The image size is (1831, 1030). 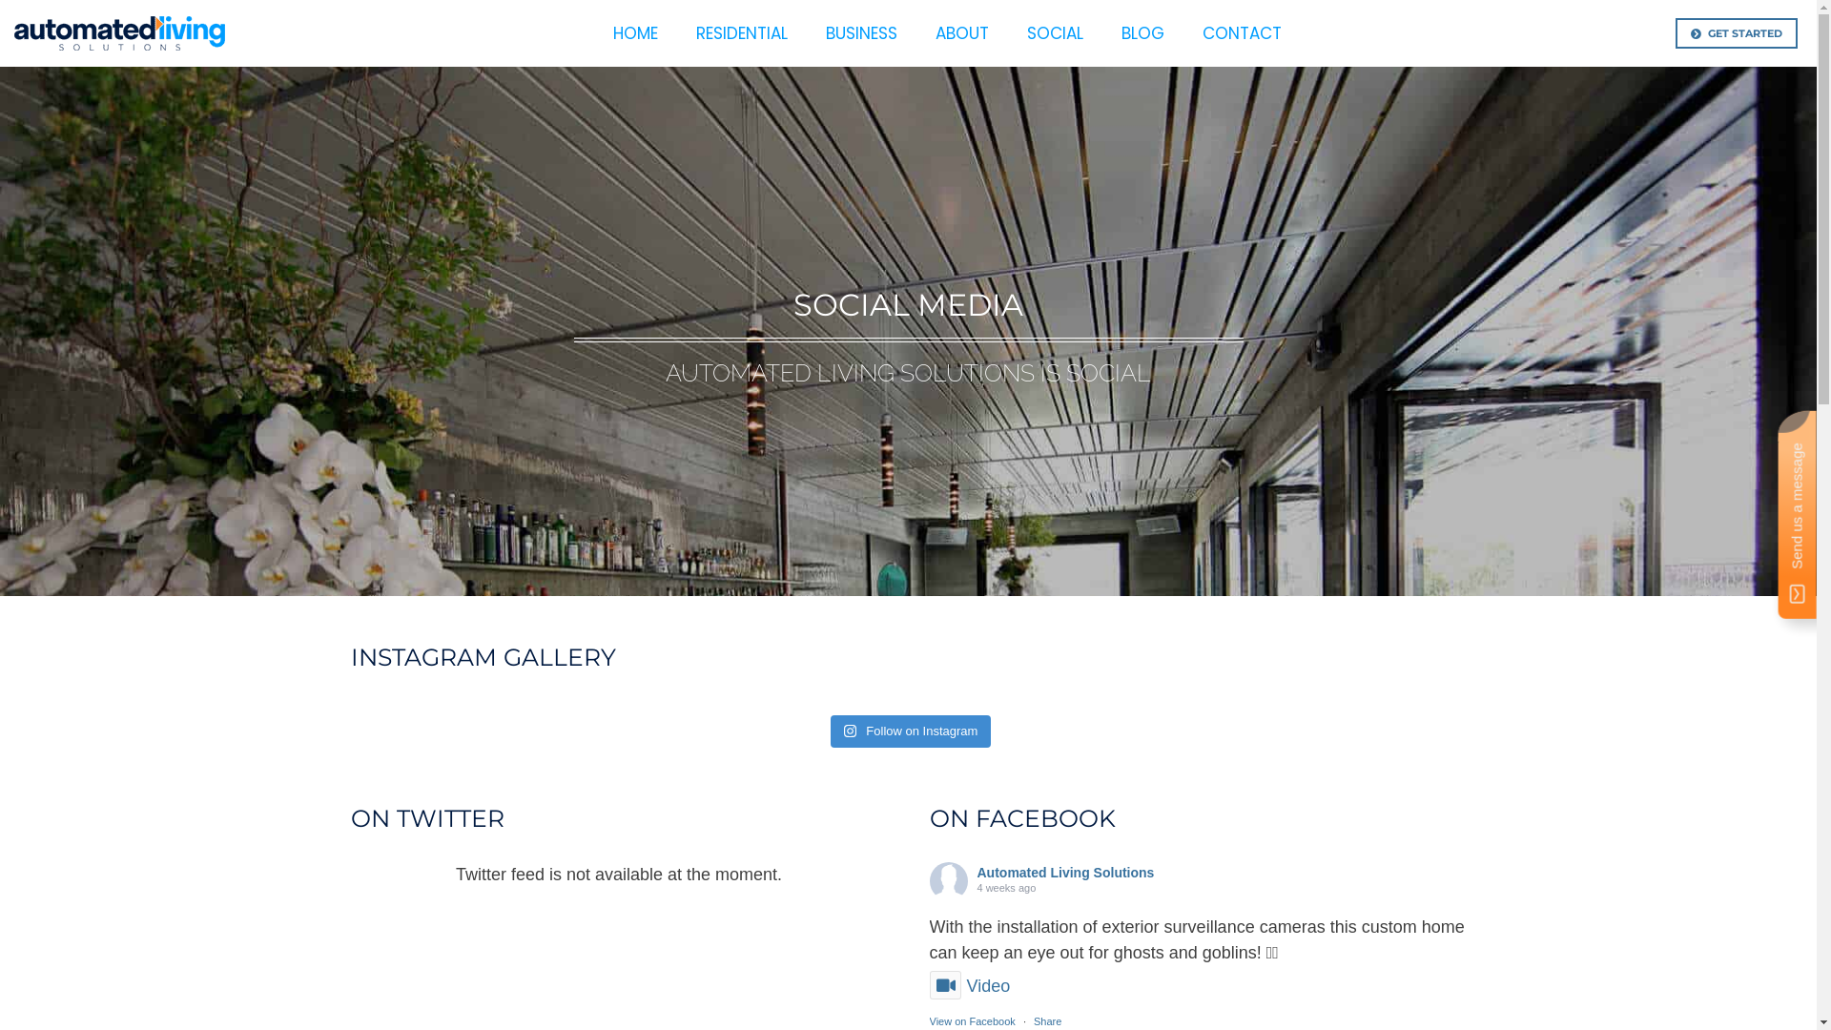 I want to click on 'Video', so click(x=969, y=985).